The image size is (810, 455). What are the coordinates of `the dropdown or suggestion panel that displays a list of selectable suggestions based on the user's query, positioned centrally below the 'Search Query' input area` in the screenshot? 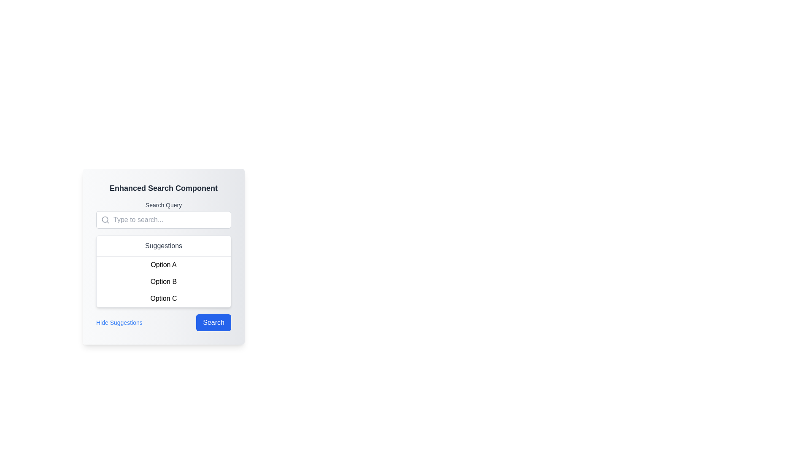 It's located at (164, 271).